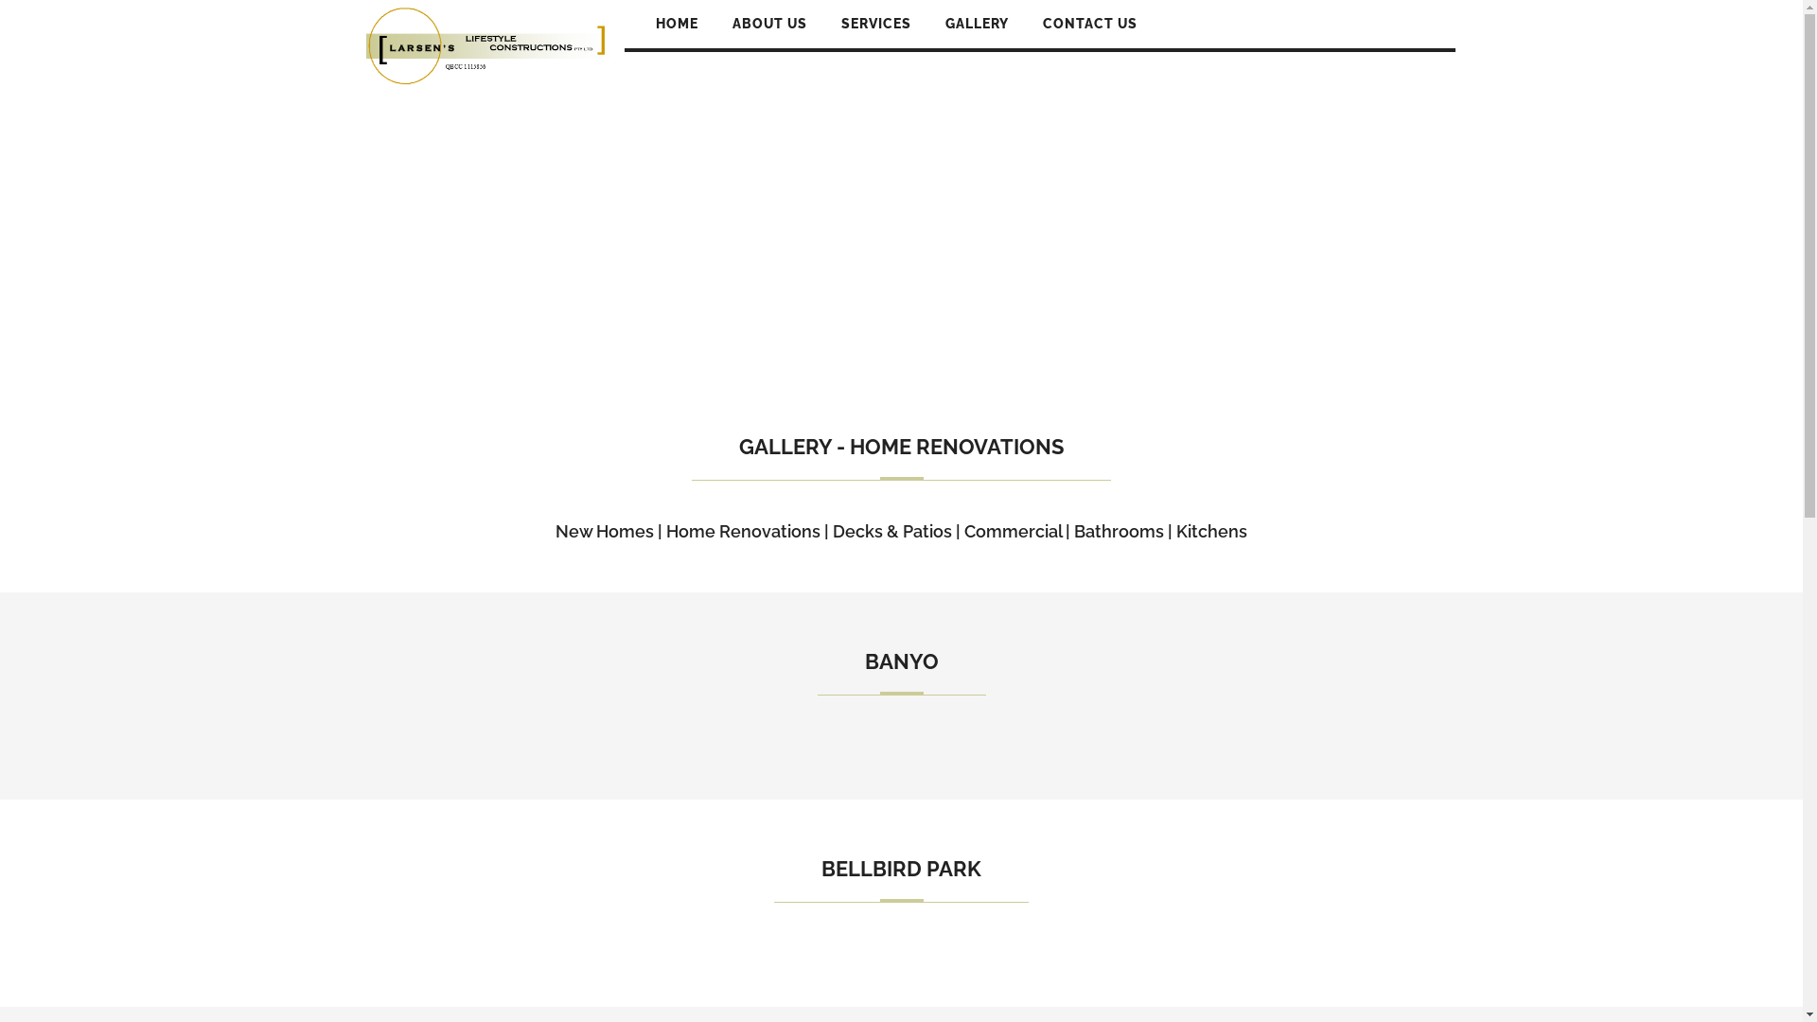 The height and width of the screenshot is (1022, 1817). Describe the element at coordinates (554, 531) in the screenshot. I see `'New Homes'` at that location.